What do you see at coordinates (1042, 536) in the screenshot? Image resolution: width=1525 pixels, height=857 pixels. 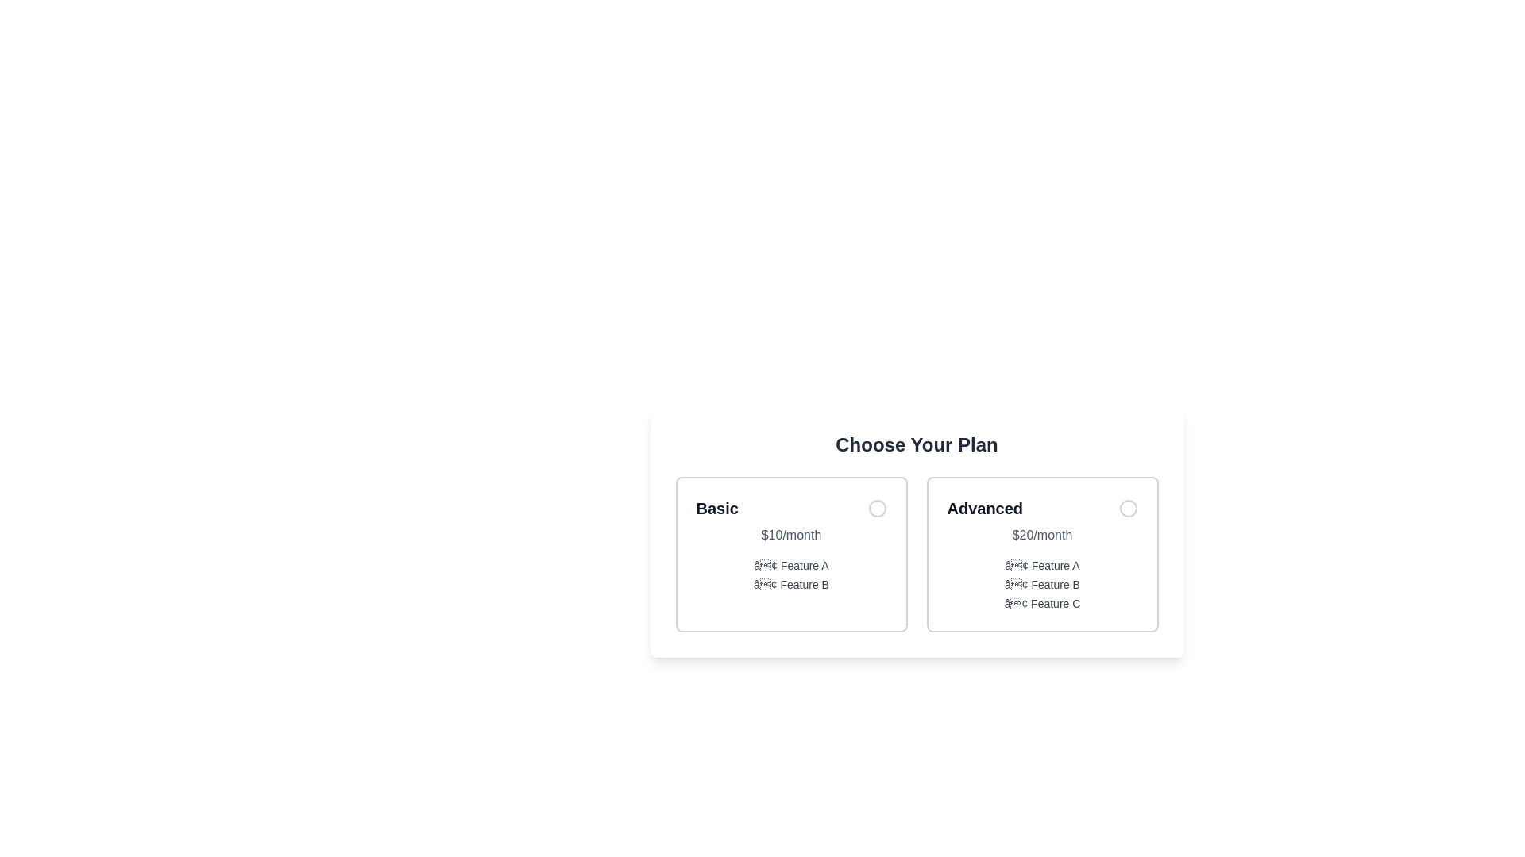 I see `price per month for the 'Advanced' plan displayed in the Text Label located centrally within the 'Advanced' pricing card, just below the title 'Advanced'` at bounding box center [1042, 536].